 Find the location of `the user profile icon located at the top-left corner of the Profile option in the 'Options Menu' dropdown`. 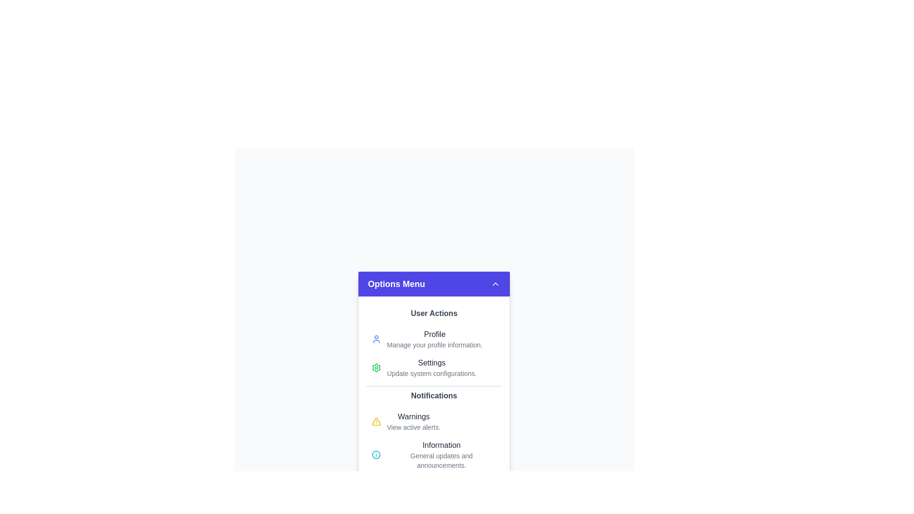

the user profile icon located at the top-left corner of the Profile option in the 'Options Menu' dropdown is located at coordinates (376, 339).